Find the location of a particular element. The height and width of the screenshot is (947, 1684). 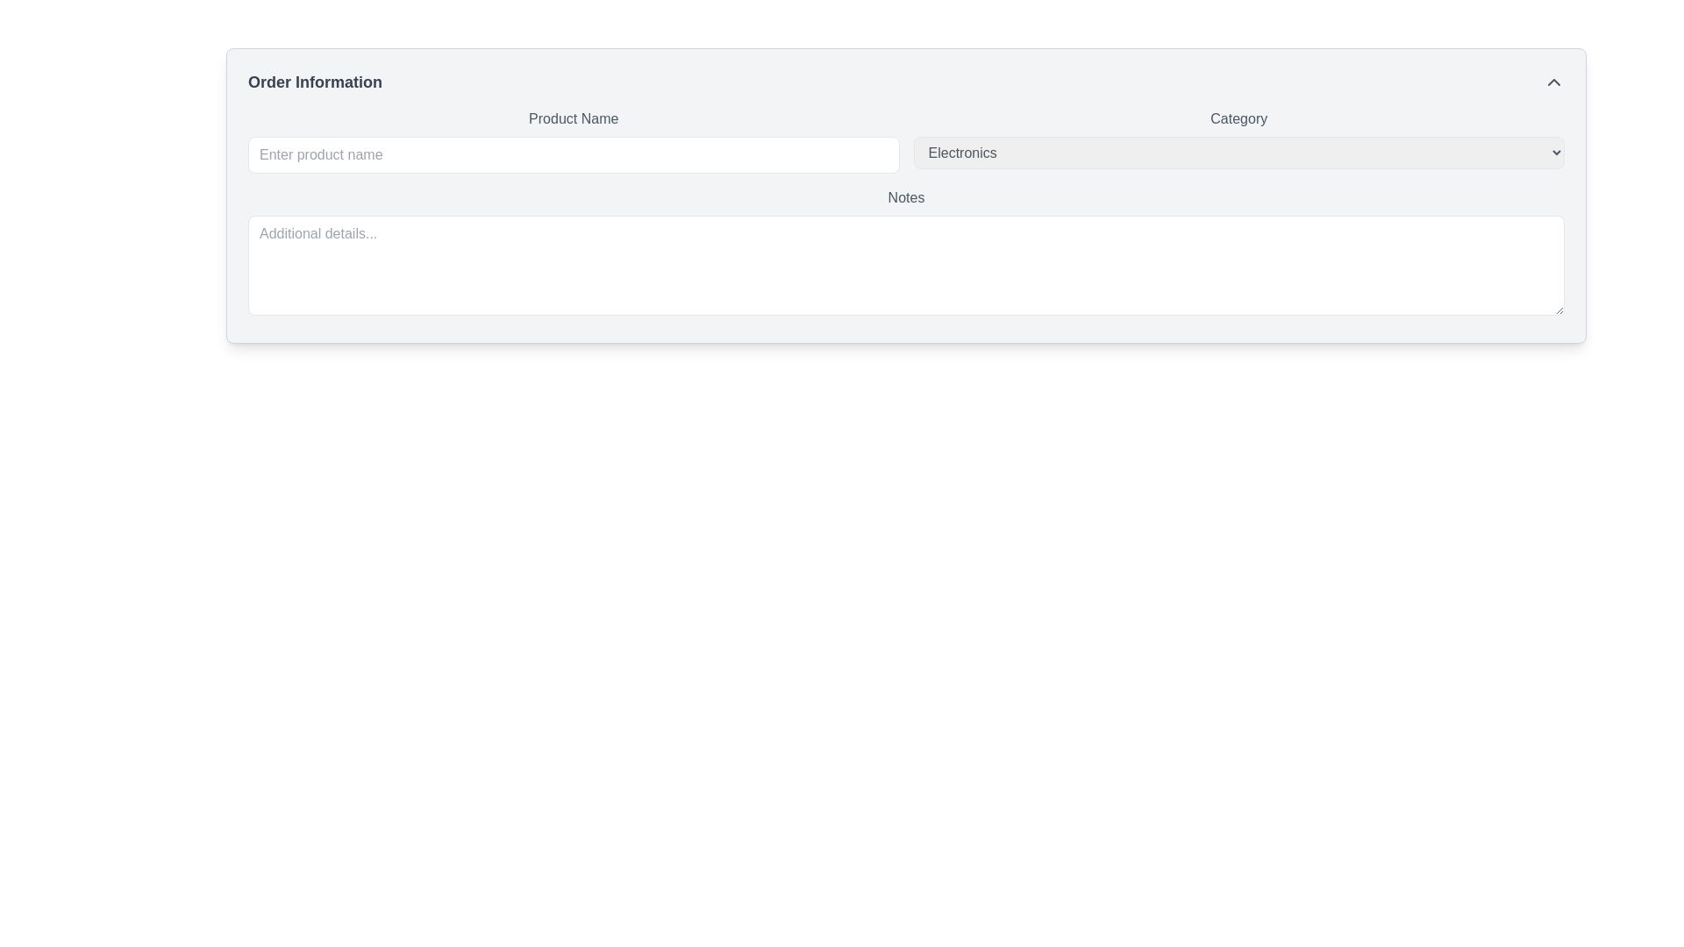

the 'Category' text label styled in gray, located at the top right of the 'Order Information' section, which precedes the 'Electronics' dropdown is located at coordinates (1238, 118).